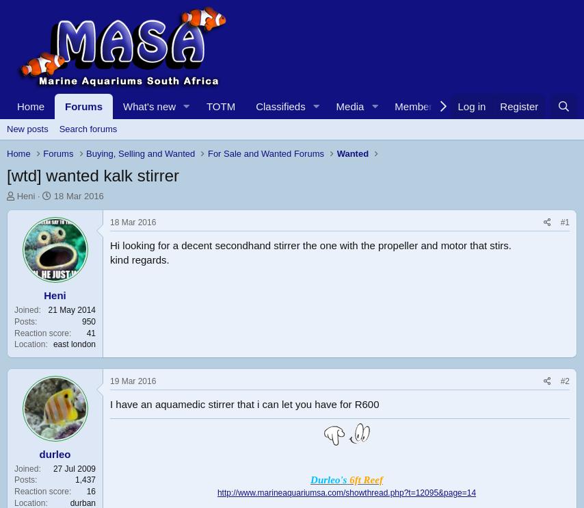 The image size is (584, 508). Describe the element at coordinates (334, 106) in the screenshot. I see `'Media'` at that location.